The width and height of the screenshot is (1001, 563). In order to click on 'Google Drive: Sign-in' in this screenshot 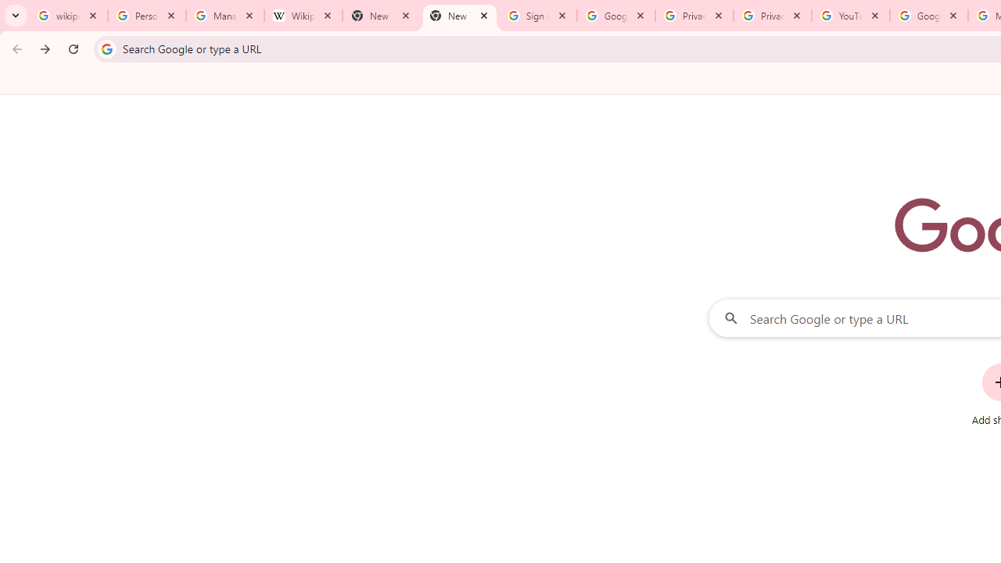, I will do `click(615, 16)`.